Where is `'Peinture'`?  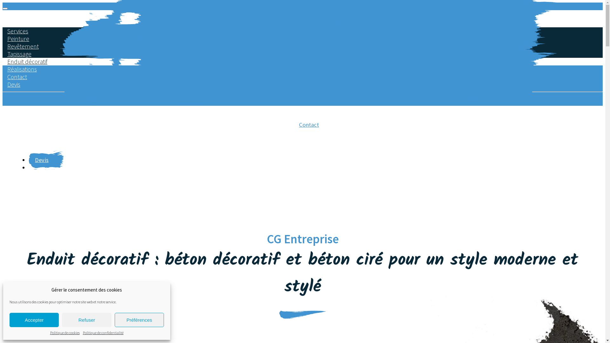 'Peinture' is located at coordinates (18, 39).